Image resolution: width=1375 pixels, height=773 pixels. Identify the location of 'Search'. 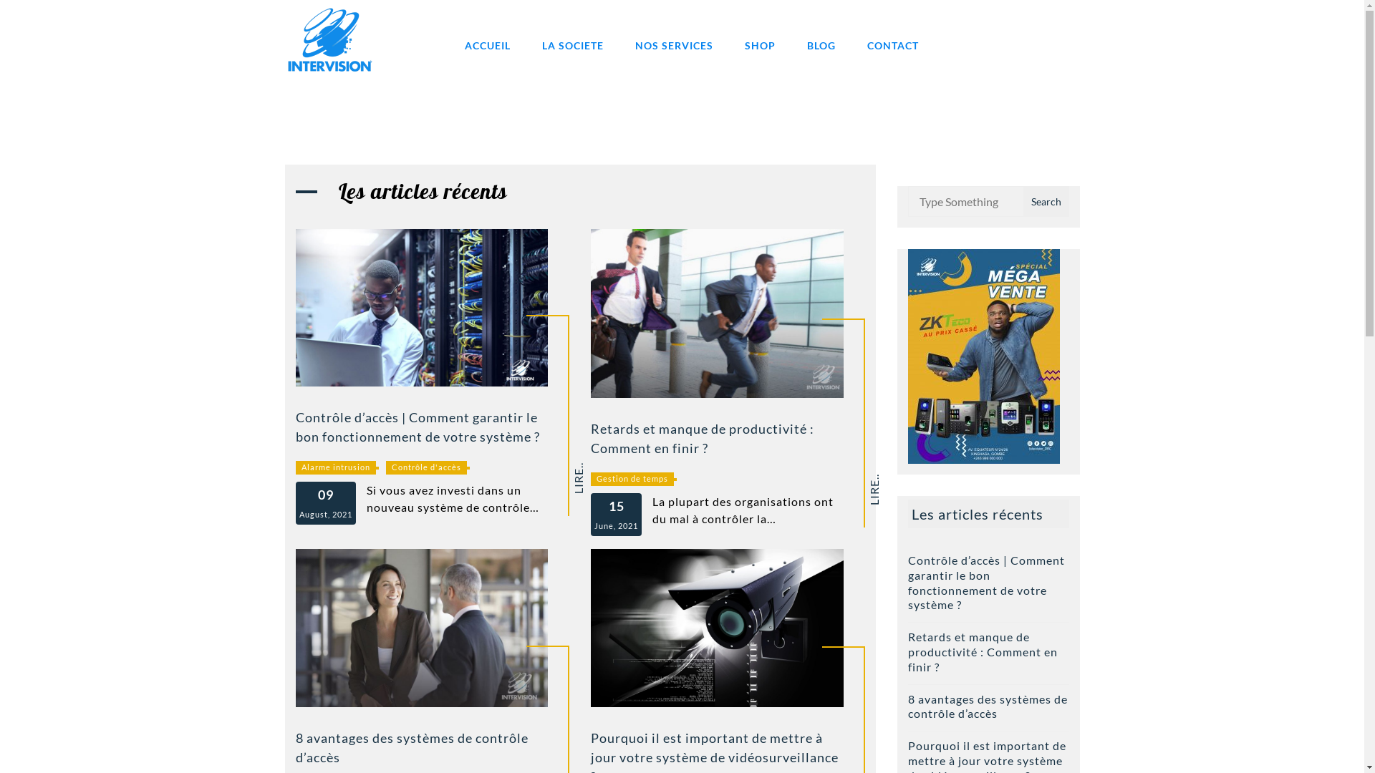
(1045, 201).